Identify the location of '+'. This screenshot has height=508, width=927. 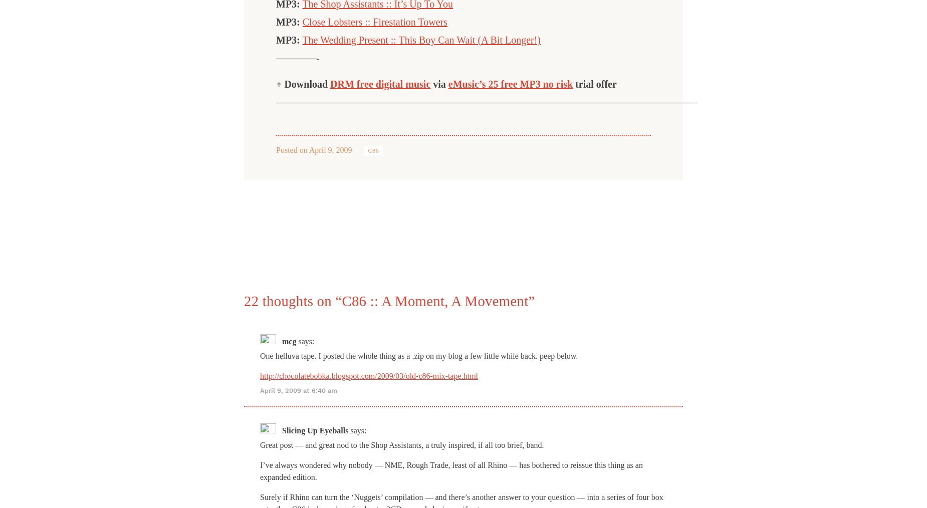
(280, 84).